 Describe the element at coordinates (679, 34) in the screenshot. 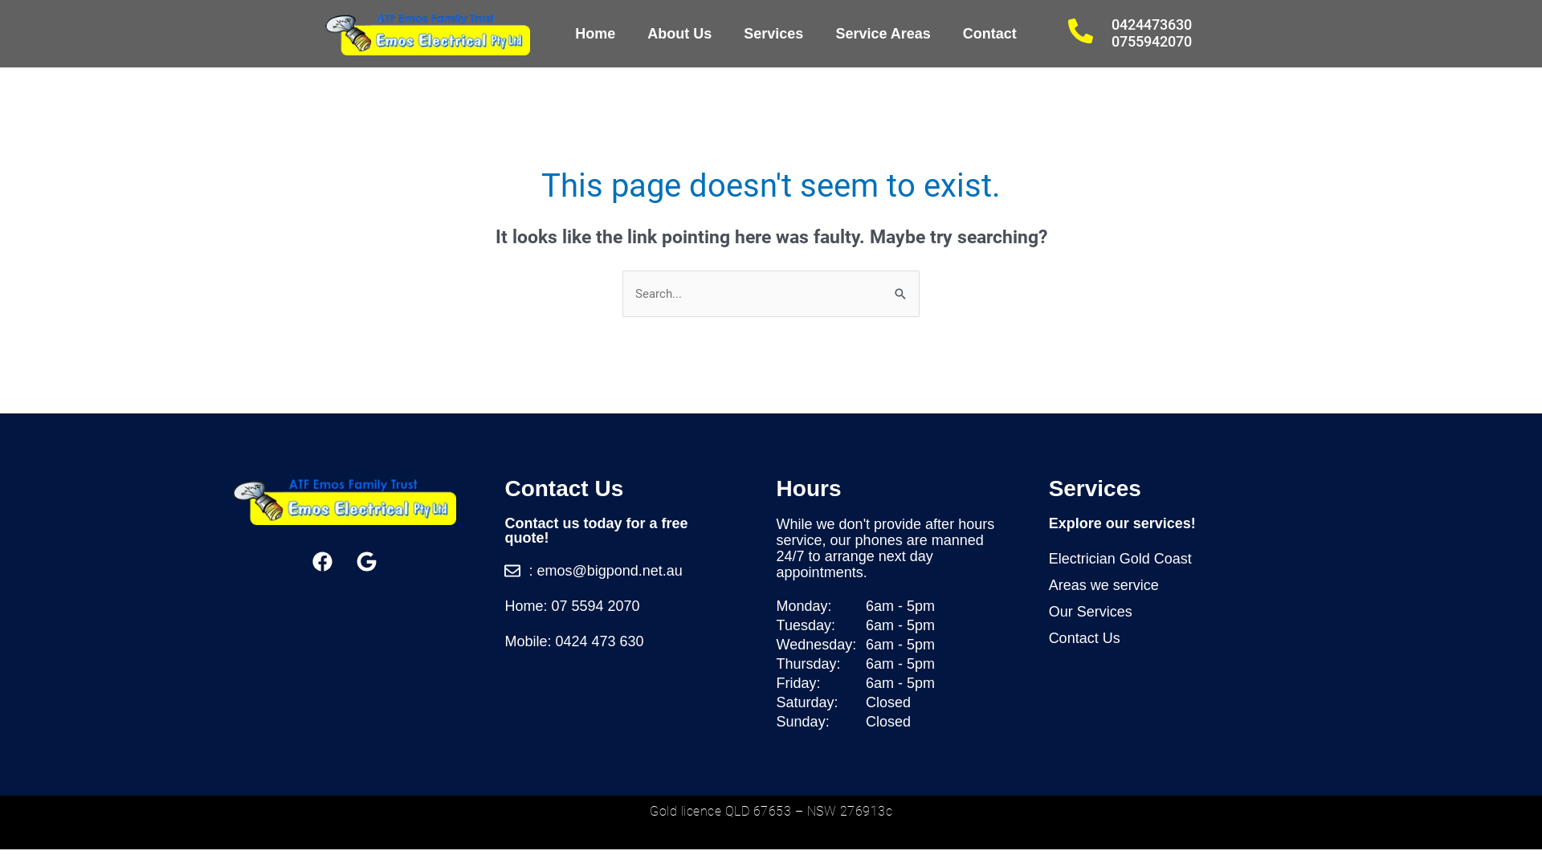

I see `'About Us'` at that location.